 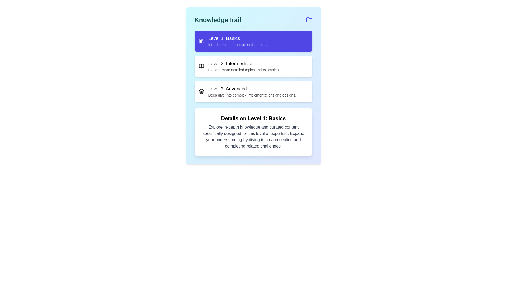 What do you see at coordinates (252, 95) in the screenshot?
I see `the descriptive text that reads 'Deep dive into complex implementations and designs.' located directly below the 'Level 3: Advanced' header` at bounding box center [252, 95].